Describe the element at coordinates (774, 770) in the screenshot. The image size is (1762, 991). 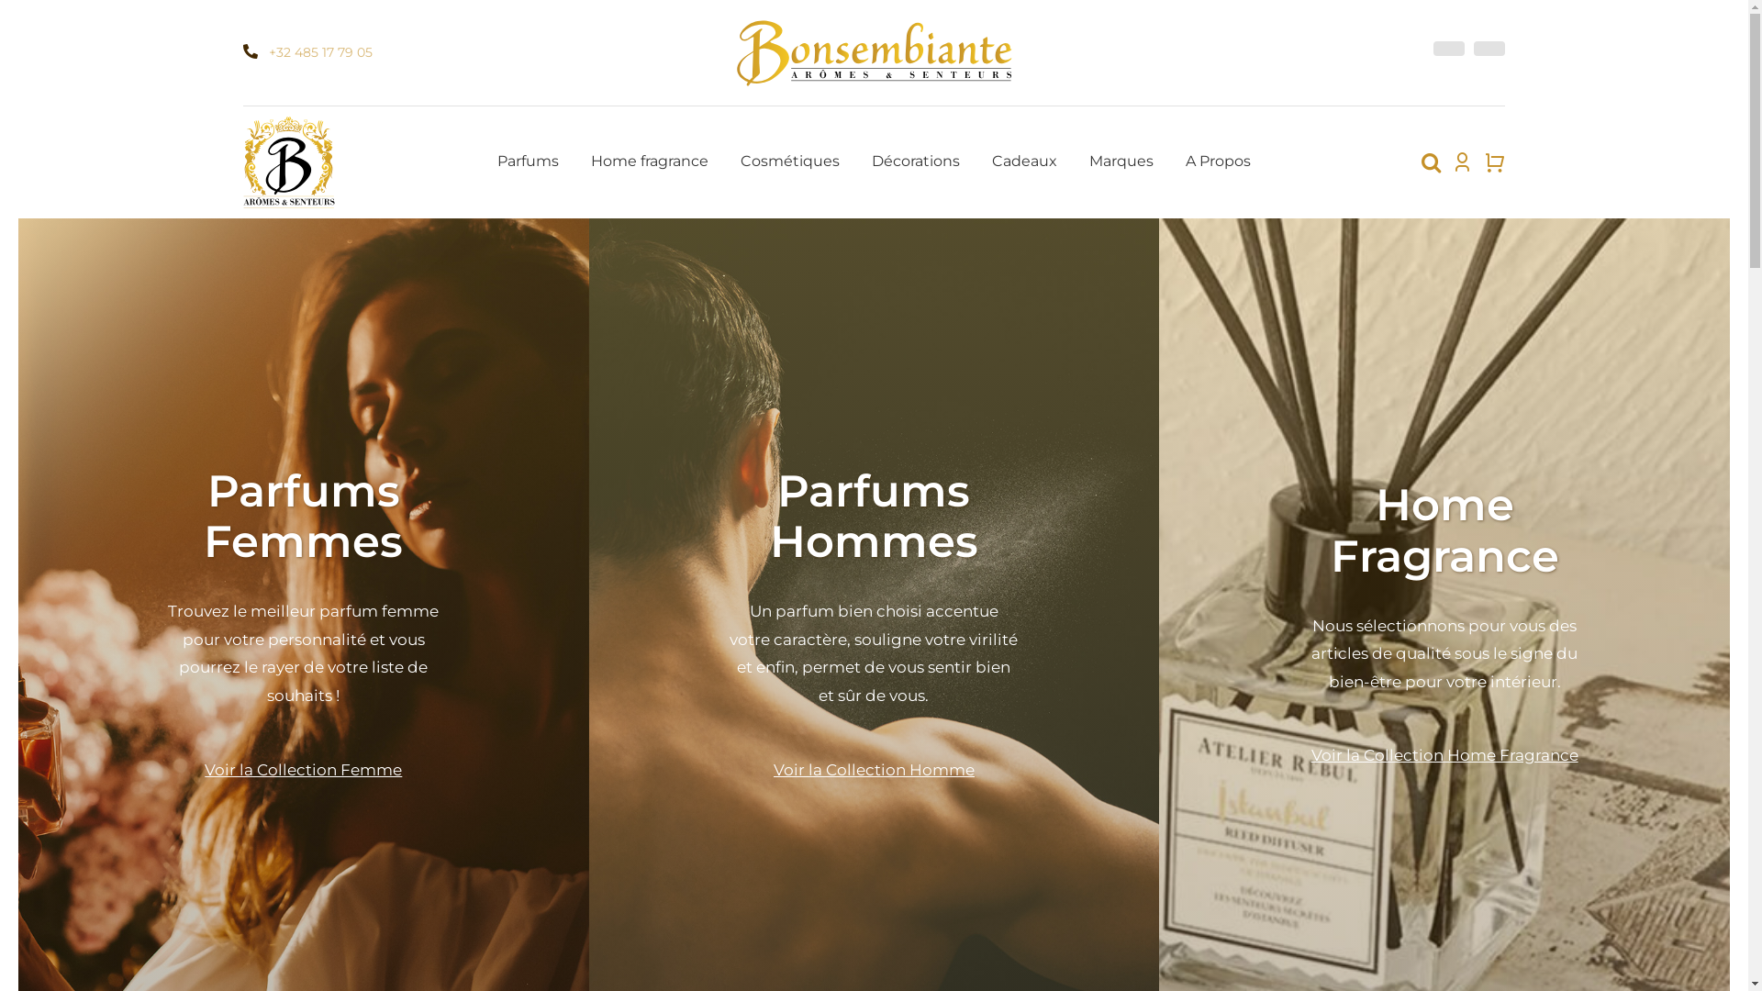
I see `'Voir la Collection Homme'` at that location.